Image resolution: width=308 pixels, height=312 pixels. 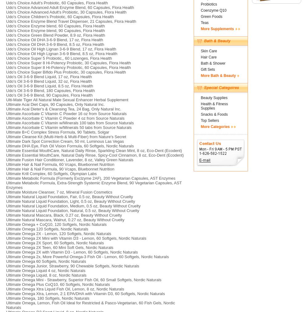 What do you see at coordinates (87, 257) in the screenshot?
I see `'Ultimate Omega 2x, More Powerful Omega-3 Fish Oil - Lemon, 60 Softgels, Nordic Naturals'` at bounding box center [87, 257].